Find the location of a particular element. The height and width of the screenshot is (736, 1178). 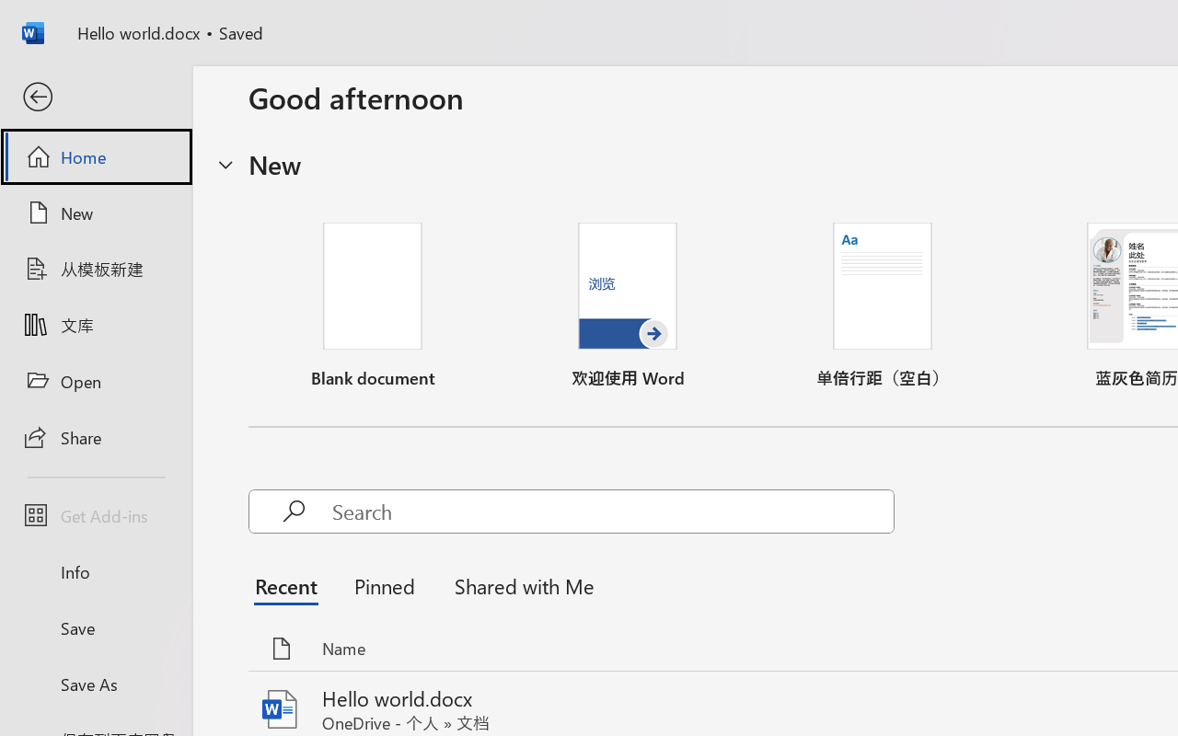

'Save As' is located at coordinates (95, 684).